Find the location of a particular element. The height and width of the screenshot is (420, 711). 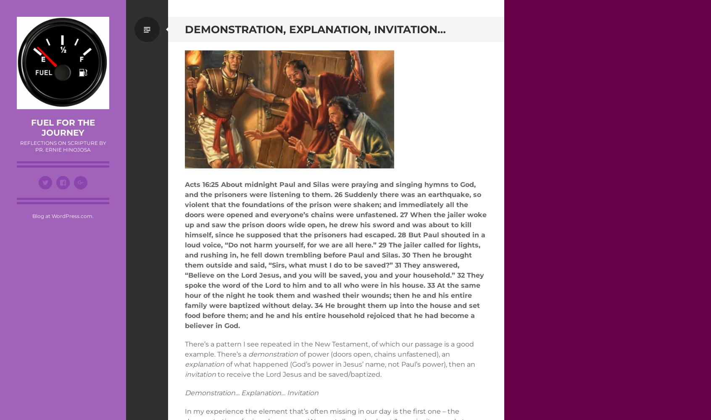

'to receive the Lord Jesus and be saved/baptized.' is located at coordinates (298, 374).